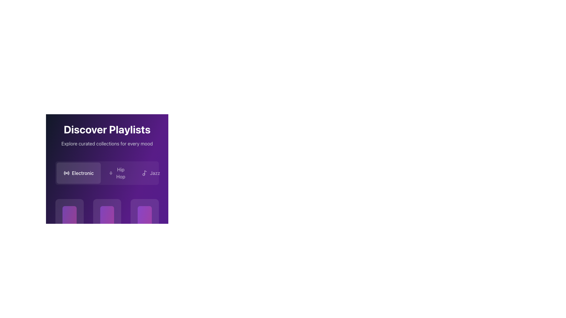 The width and height of the screenshot is (566, 318). What do you see at coordinates (111, 173) in the screenshot?
I see `the minimalist white microphone icon located centrally in the 'Hip Hop' section under 'Discover Playlists'` at bounding box center [111, 173].